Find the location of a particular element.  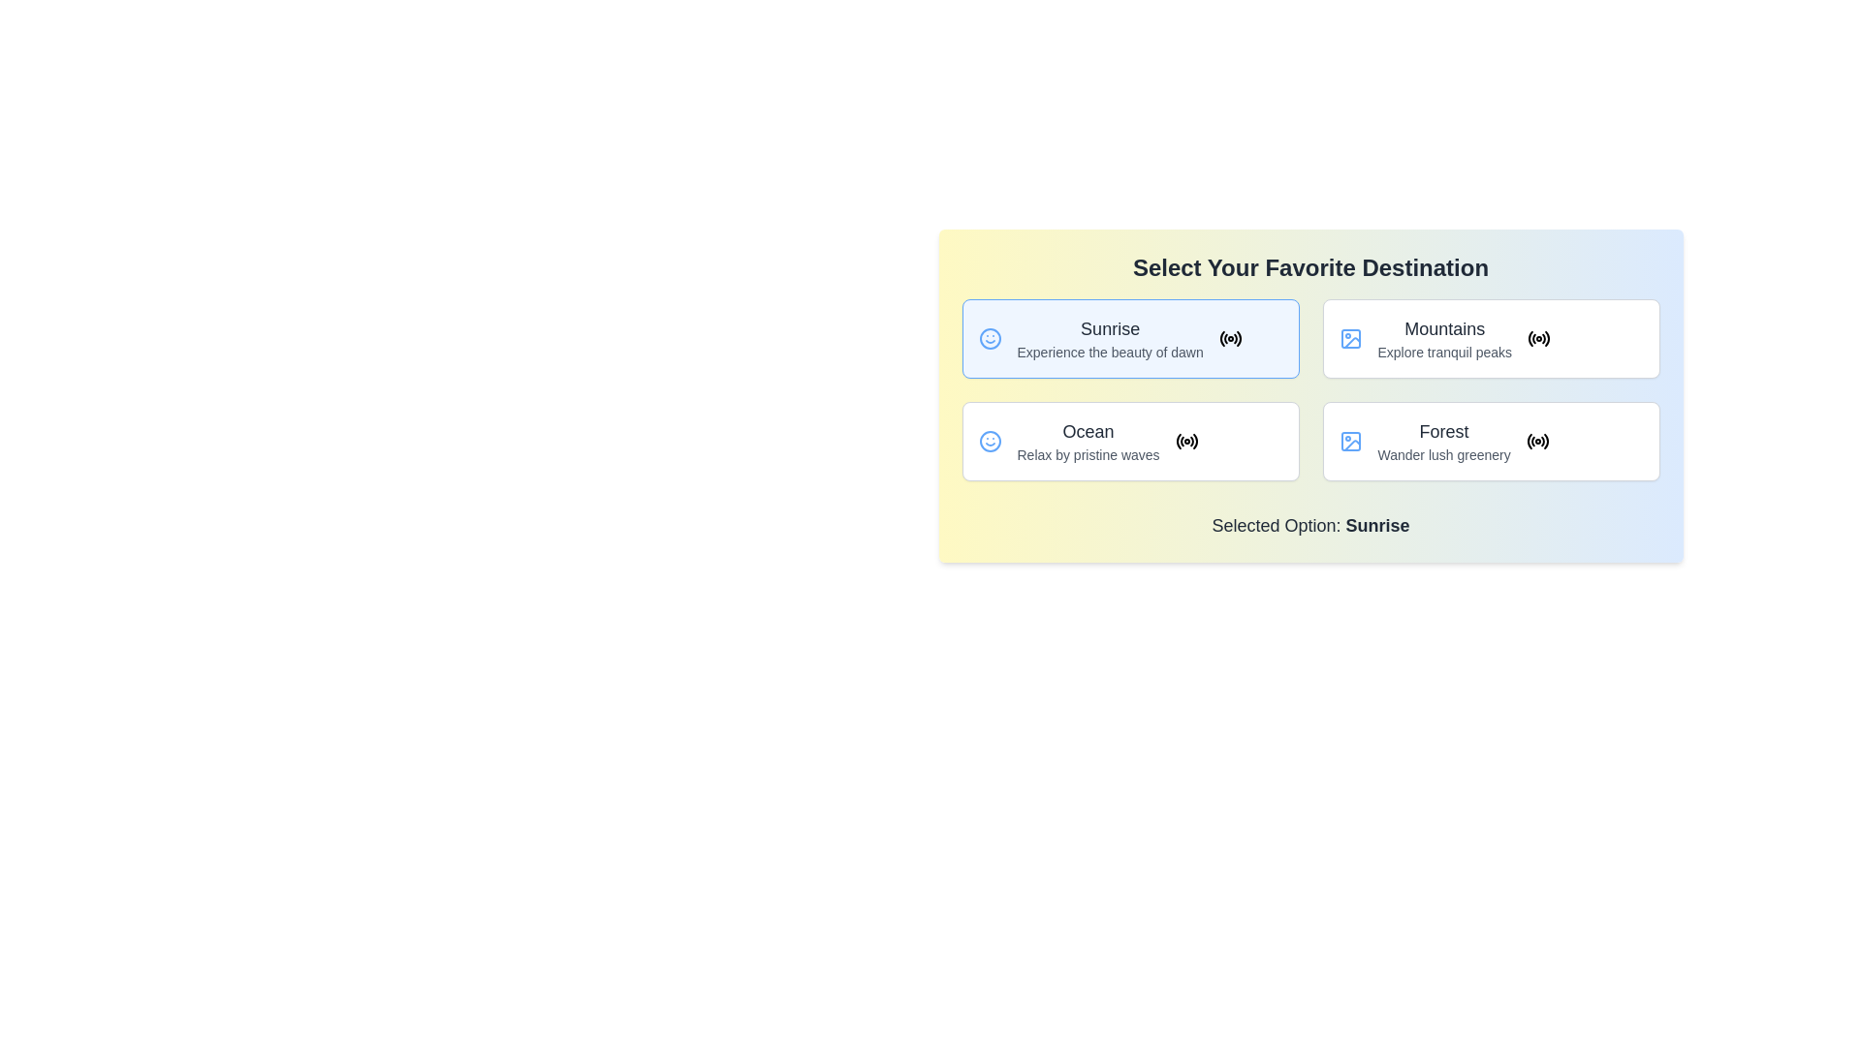

the Decorative SVG circle that represents the smiley face icon in the top-left square button labeled 'Sunrise' within the grid of options on the card layout is located at coordinates (990, 441).